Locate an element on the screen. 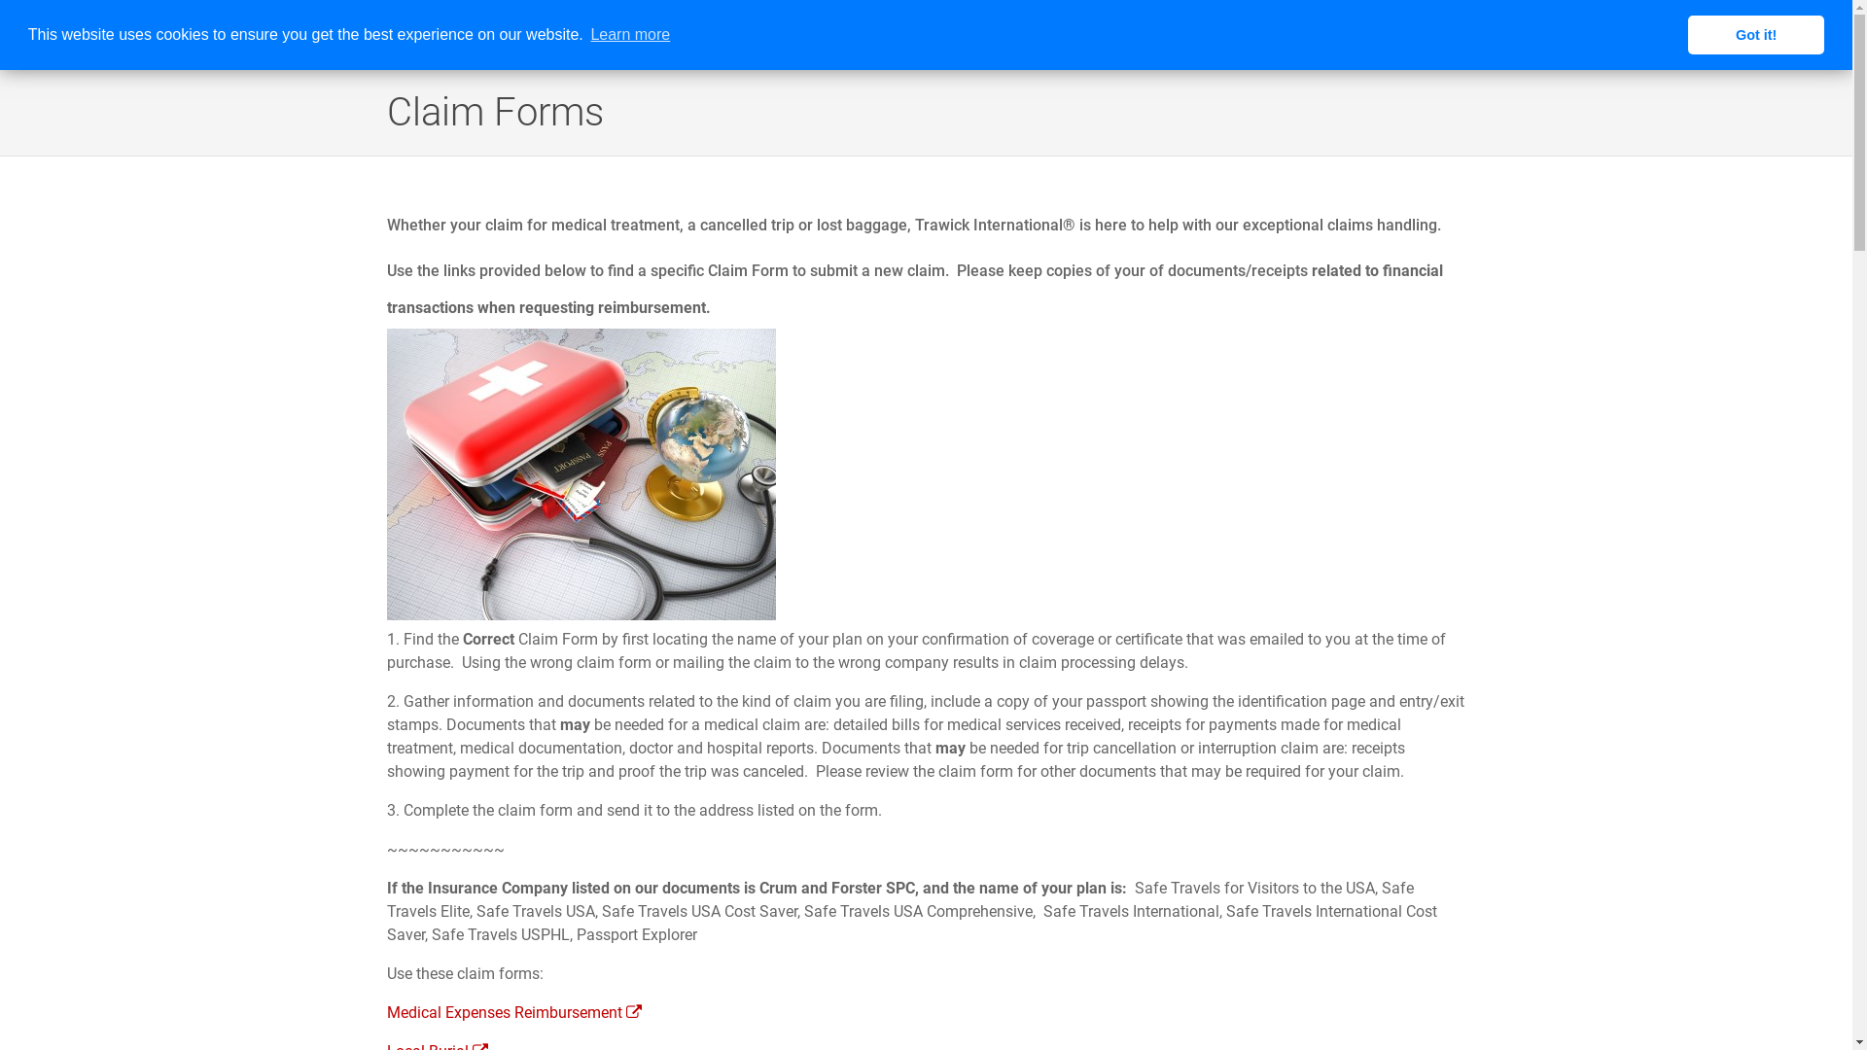 Image resolution: width=1867 pixels, height=1050 pixels. 'Blog' is located at coordinates (1814, 34).